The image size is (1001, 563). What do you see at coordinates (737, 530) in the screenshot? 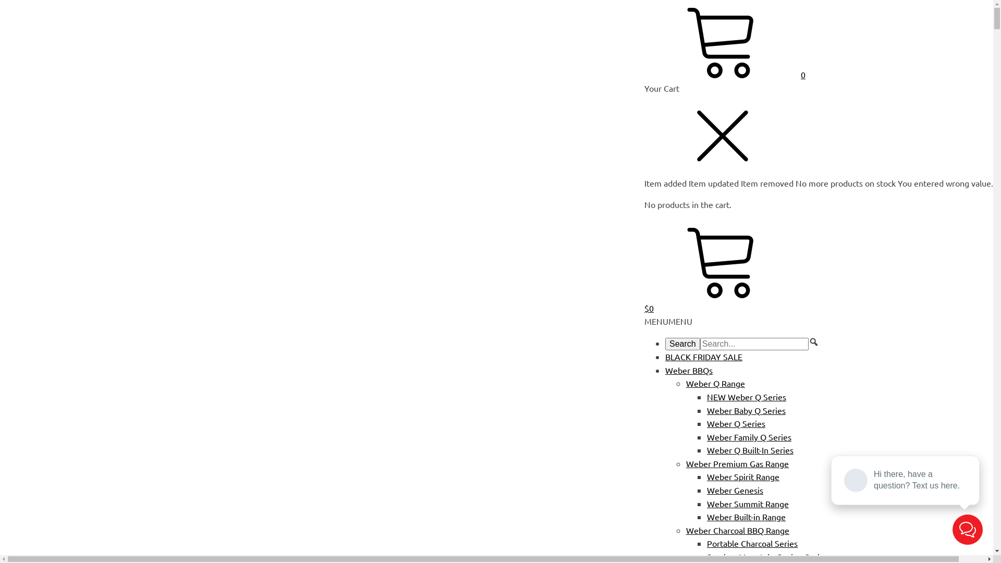
I see `'Weber Charcoal BBQ Range'` at bounding box center [737, 530].